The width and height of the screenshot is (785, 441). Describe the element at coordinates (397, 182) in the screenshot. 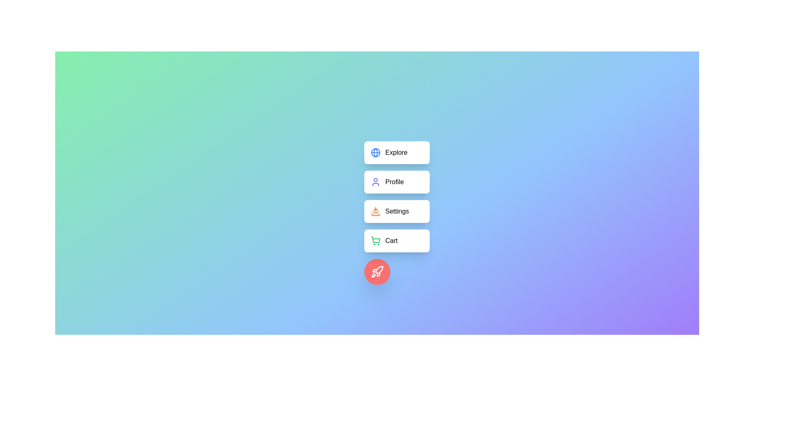

I see `the 'Profile' button in the menu` at that location.